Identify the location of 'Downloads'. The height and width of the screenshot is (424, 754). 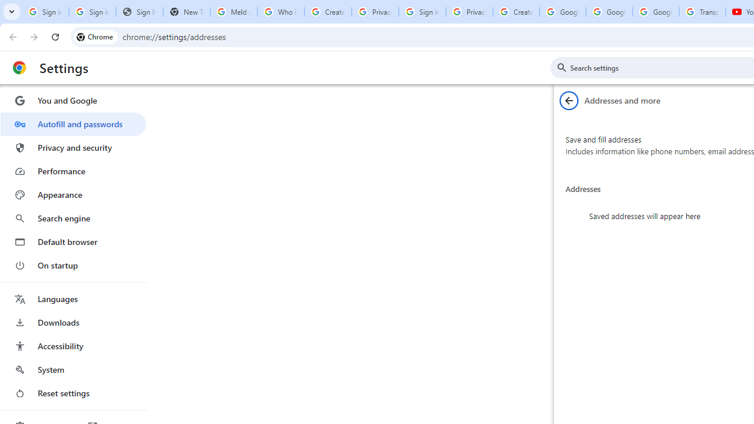
(72, 322).